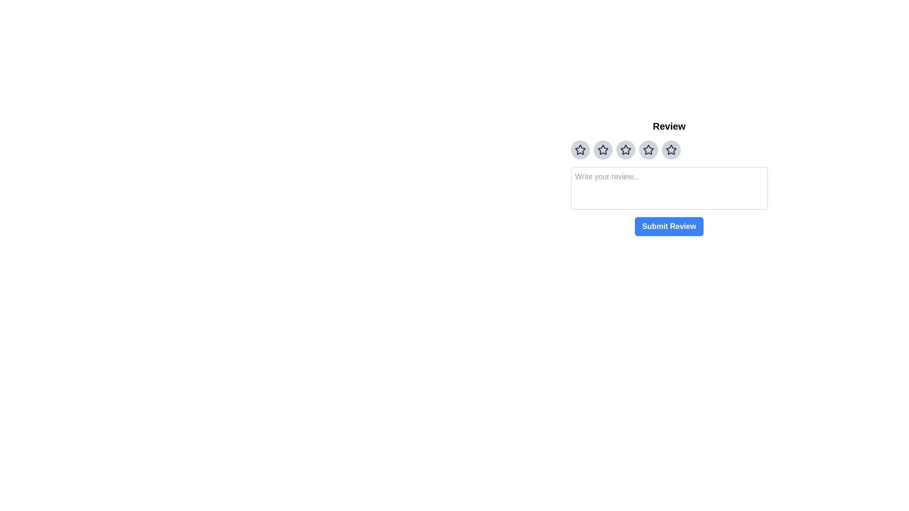  I want to click on the fifth star icon of the rating item, which is highlighted differently from the others, using keyboard focus, so click(668, 149).